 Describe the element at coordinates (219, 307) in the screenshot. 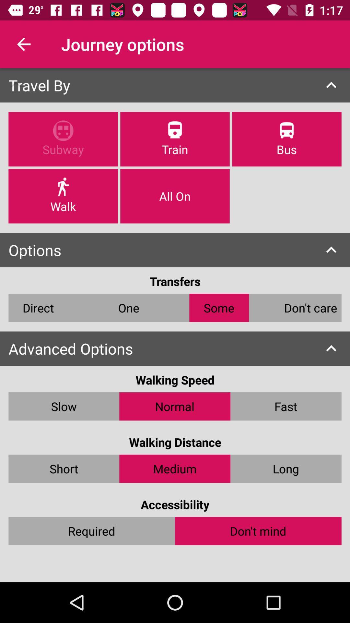

I see `some icon` at that location.